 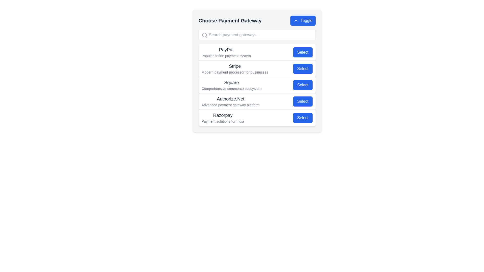 I want to click on the descriptive text label that provides additional information about the 'Square' payment option, located below the 'Square' text and above the 'Select' button in the payment options list, so click(x=231, y=88).